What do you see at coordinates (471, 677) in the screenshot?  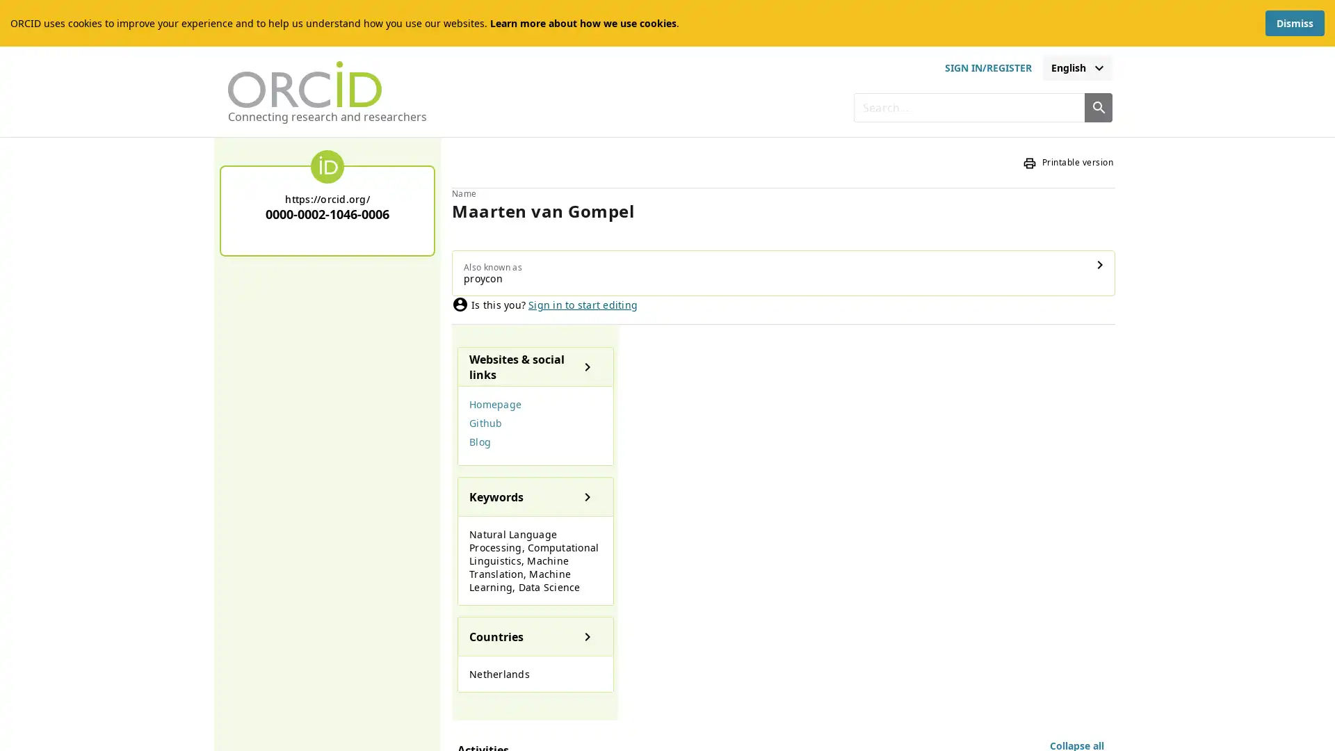 I see `Hide details` at bounding box center [471, 677].